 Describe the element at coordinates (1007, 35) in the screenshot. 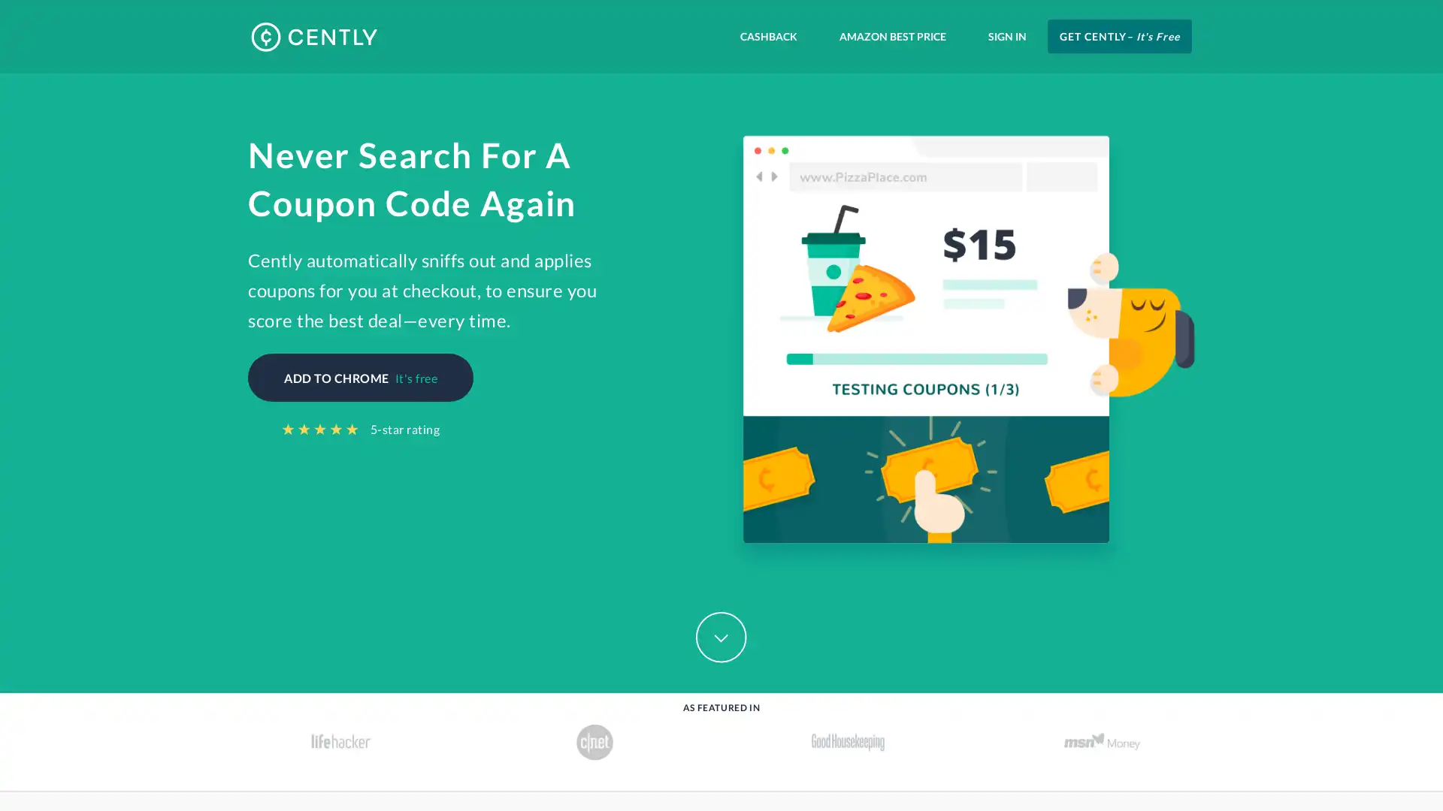

I see `SIGN IN` at that location.